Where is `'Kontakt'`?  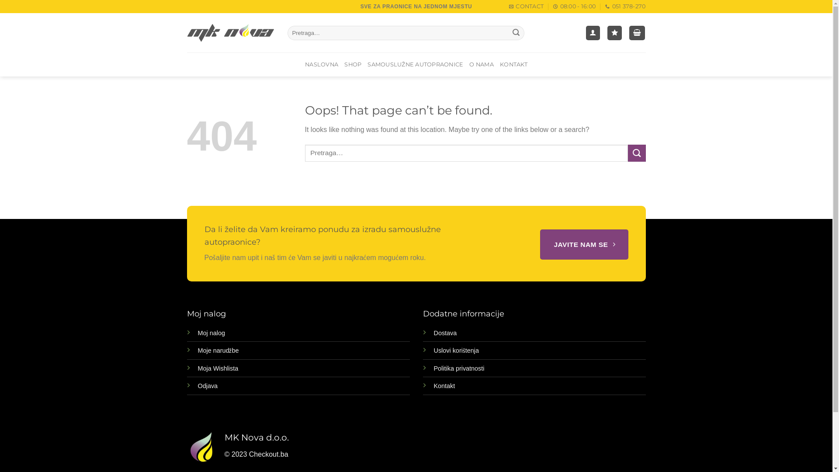 'Kontakt' is located at coordinates (444, 385).